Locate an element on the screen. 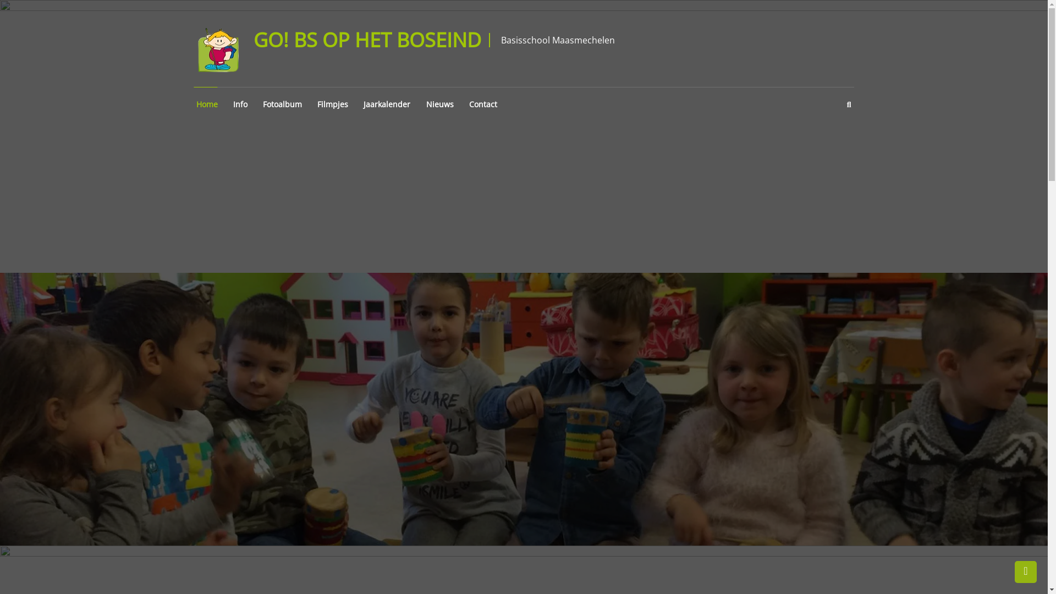 Image resolution: width=1056 pixels, height=594 pixels. 'Fotoalbum' is located at coordinates (281, 104).